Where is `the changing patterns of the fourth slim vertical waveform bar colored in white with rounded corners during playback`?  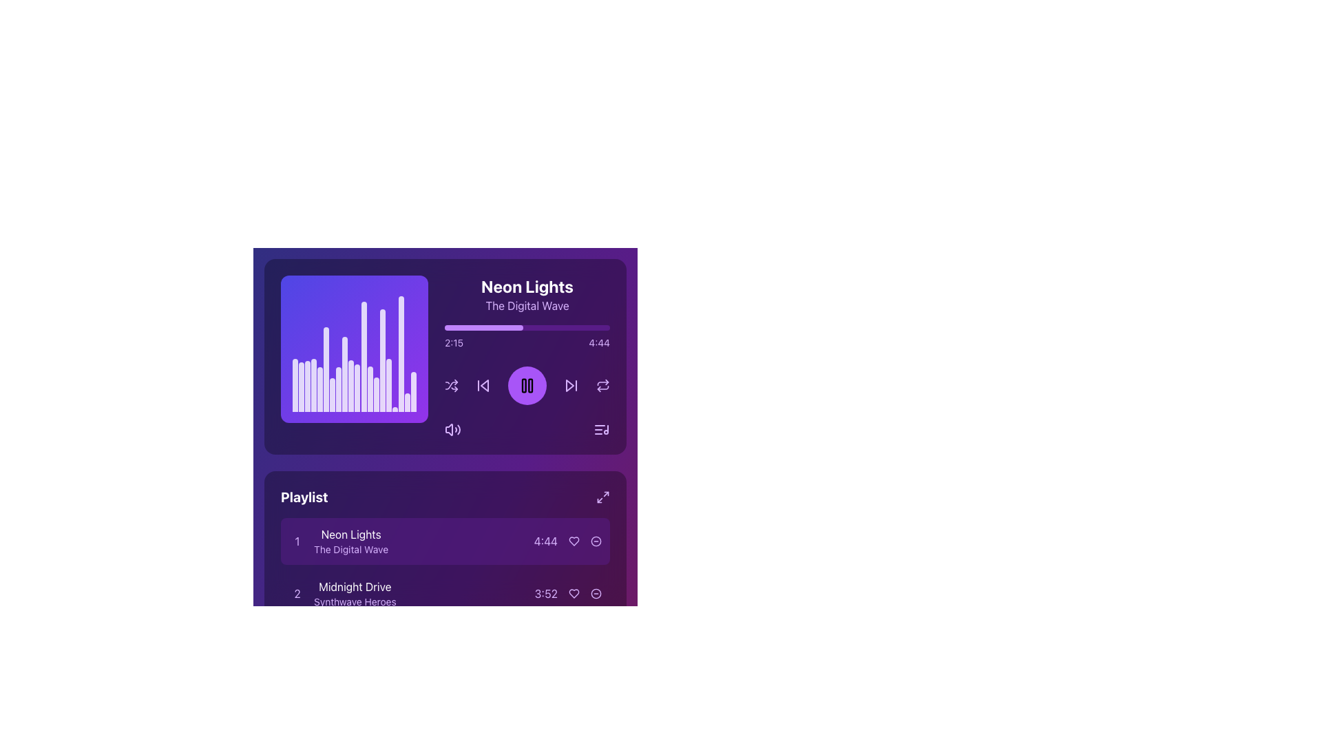
the changing patterns of the fourth slim vertical waveform bar colored in white with rounded corners during playback is located at coordinates (313, 385).